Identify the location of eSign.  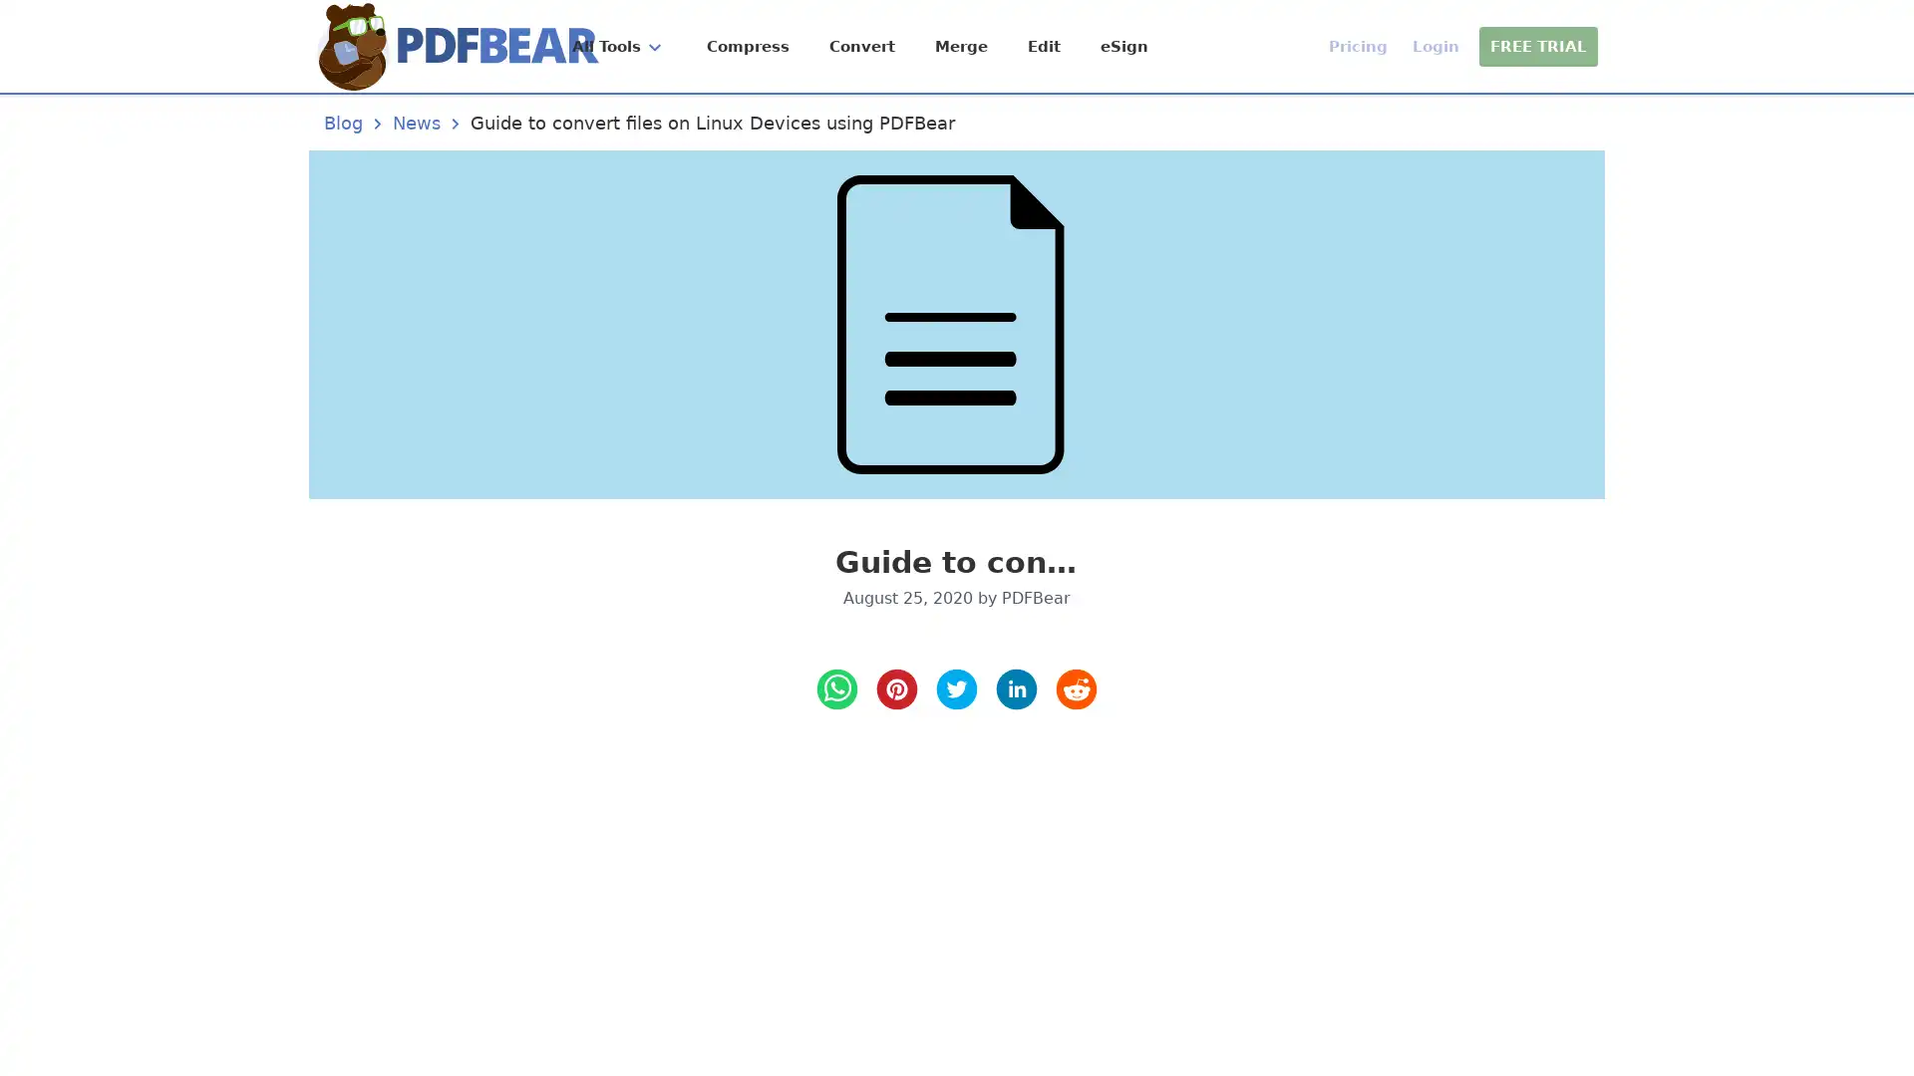
(1123, 45).